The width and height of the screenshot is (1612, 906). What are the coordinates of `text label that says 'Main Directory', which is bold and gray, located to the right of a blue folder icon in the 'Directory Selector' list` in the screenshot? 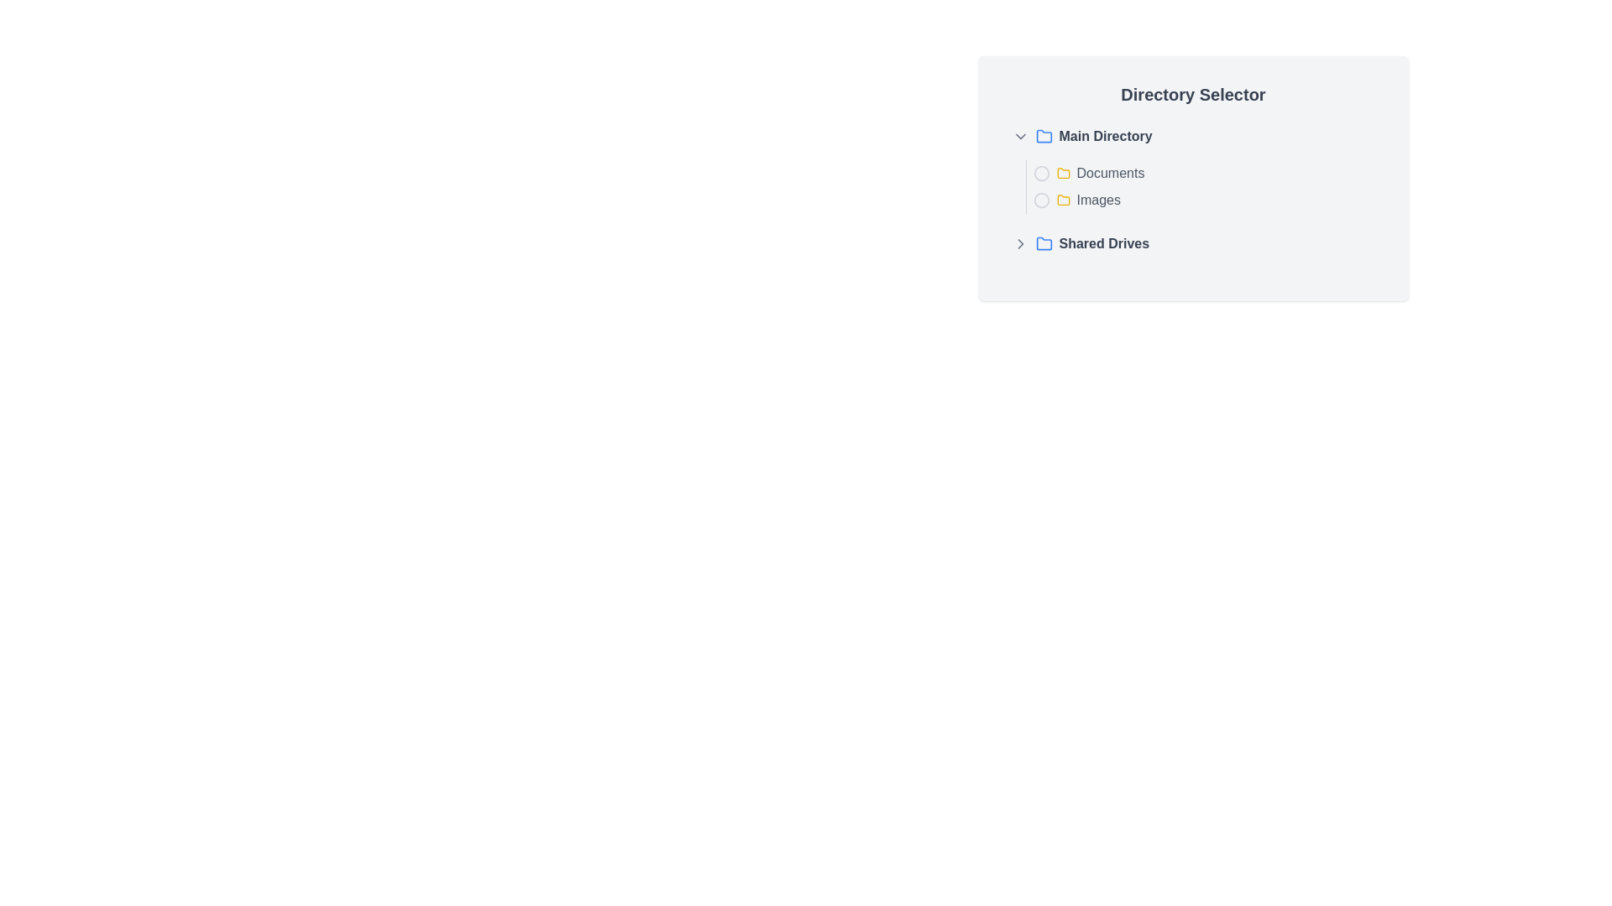 It's located at (1106, 135).